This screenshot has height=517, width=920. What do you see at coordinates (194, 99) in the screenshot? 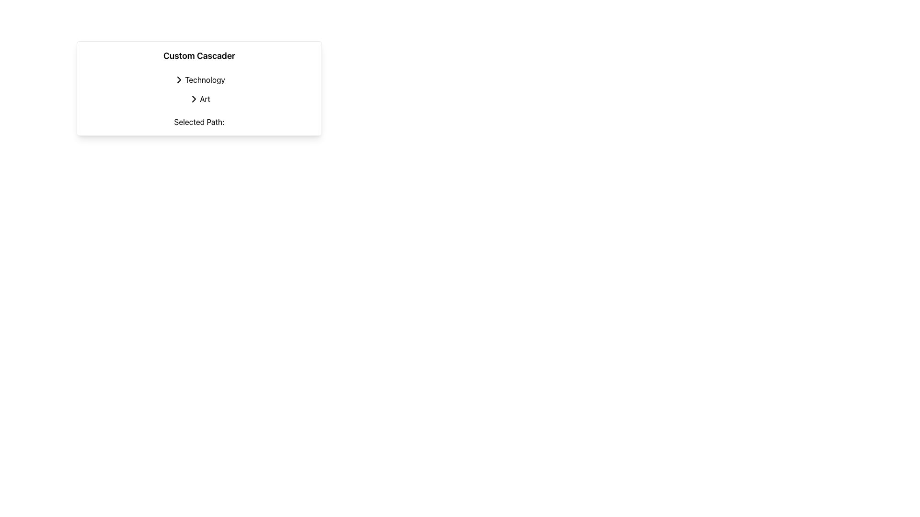
I see `the right-pointing arrow icon located to the left of the 'Art' text label` at bounding box center [194, 99].